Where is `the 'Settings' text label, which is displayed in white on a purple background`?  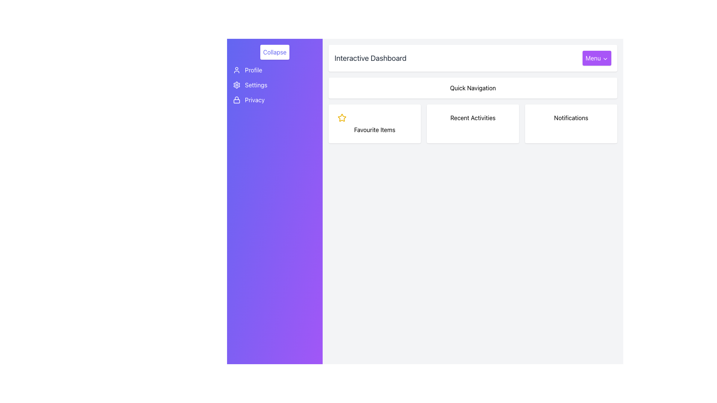 the 'Settings' text label, which is displayed in white on a purple background is located at coordinates (256, 84).